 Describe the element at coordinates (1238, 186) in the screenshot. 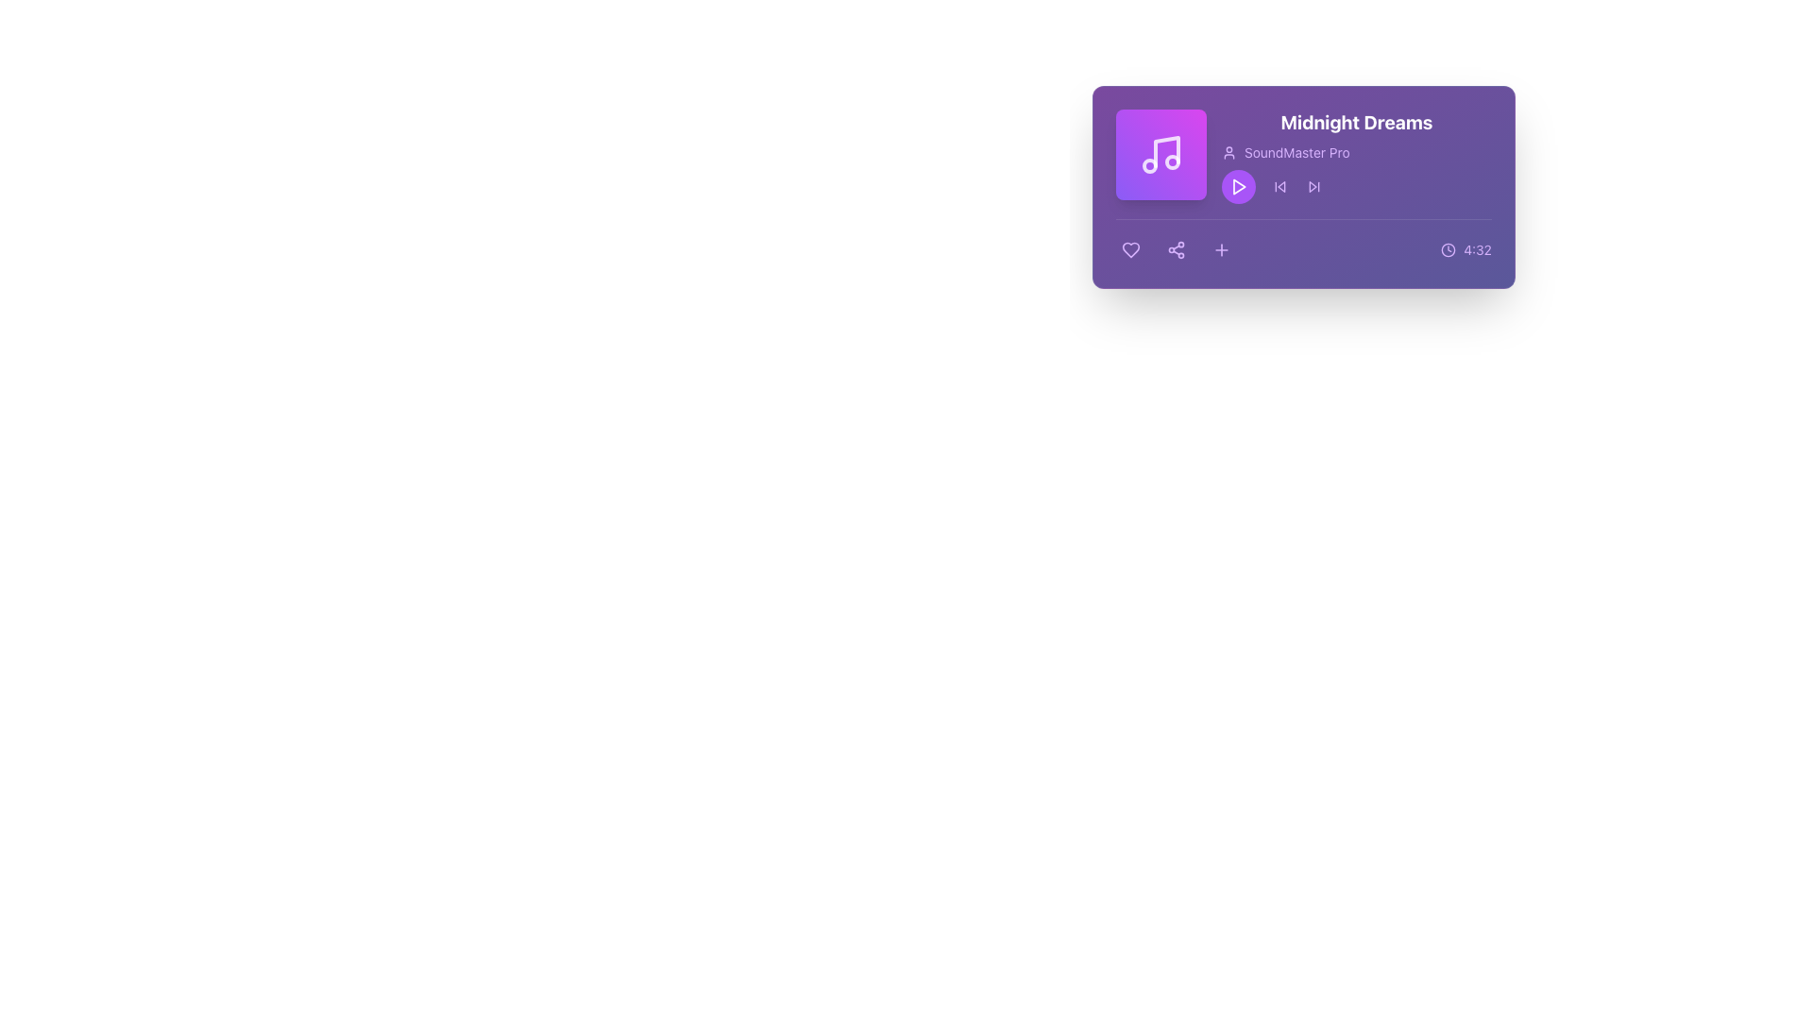

I see `the 'play' button icon located within the circular button beneath the title 'Midnight Dreams' for keyboard interaction` at that location.